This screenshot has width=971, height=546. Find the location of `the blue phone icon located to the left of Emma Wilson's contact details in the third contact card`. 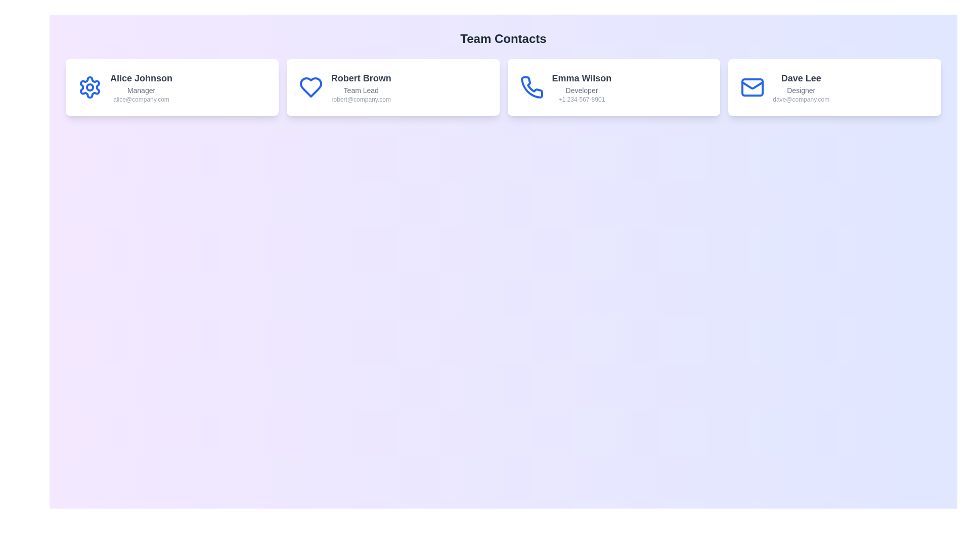

the blue phone icon located to the left of Emma Wilson's contact details in the third contact card is located at coordinates (531, 87).